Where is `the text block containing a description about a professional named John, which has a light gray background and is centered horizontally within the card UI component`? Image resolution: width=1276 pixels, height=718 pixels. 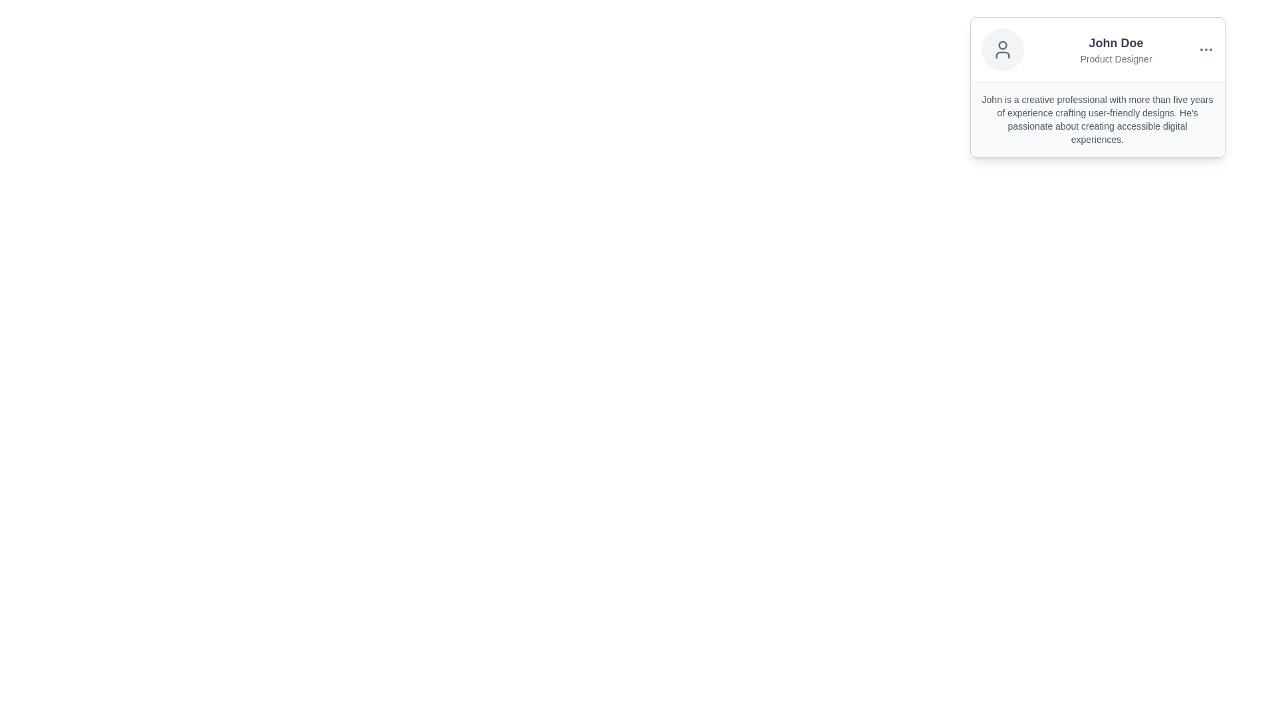 the text block containing a description about a professional named John, which has a light gray background and is centered horizontally within the card UI component is located at coordinates (1097, 118).